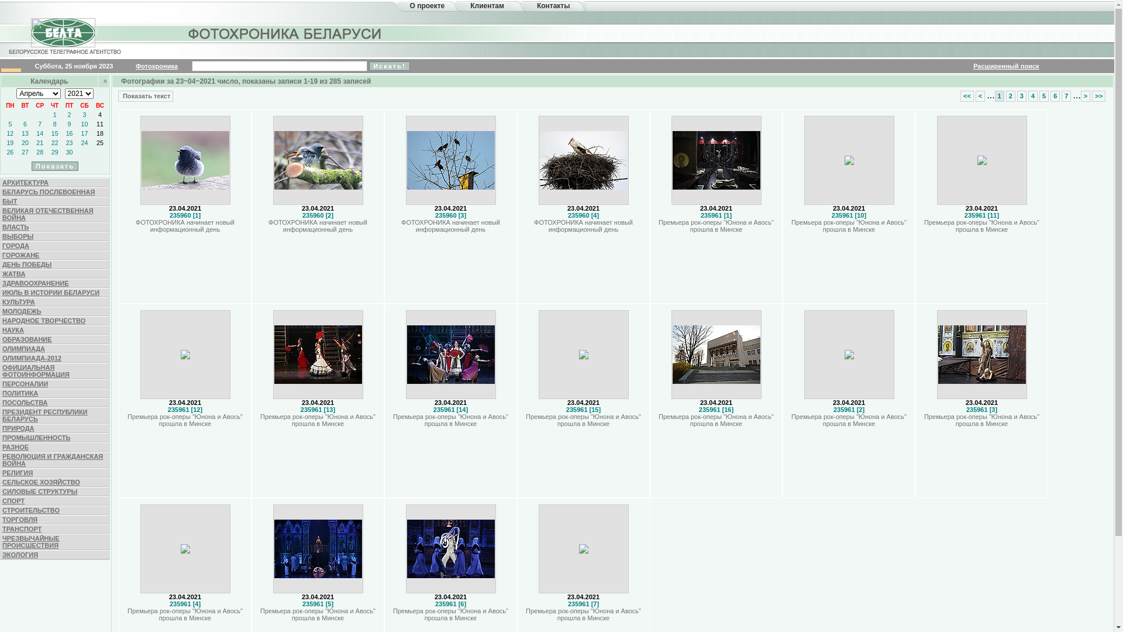 The height and width of the screenshot is (632, 1123). What do you see at coordinates (1033, 95) in the screenshot?
I see `'4'` at bounding box center [1033, 95].